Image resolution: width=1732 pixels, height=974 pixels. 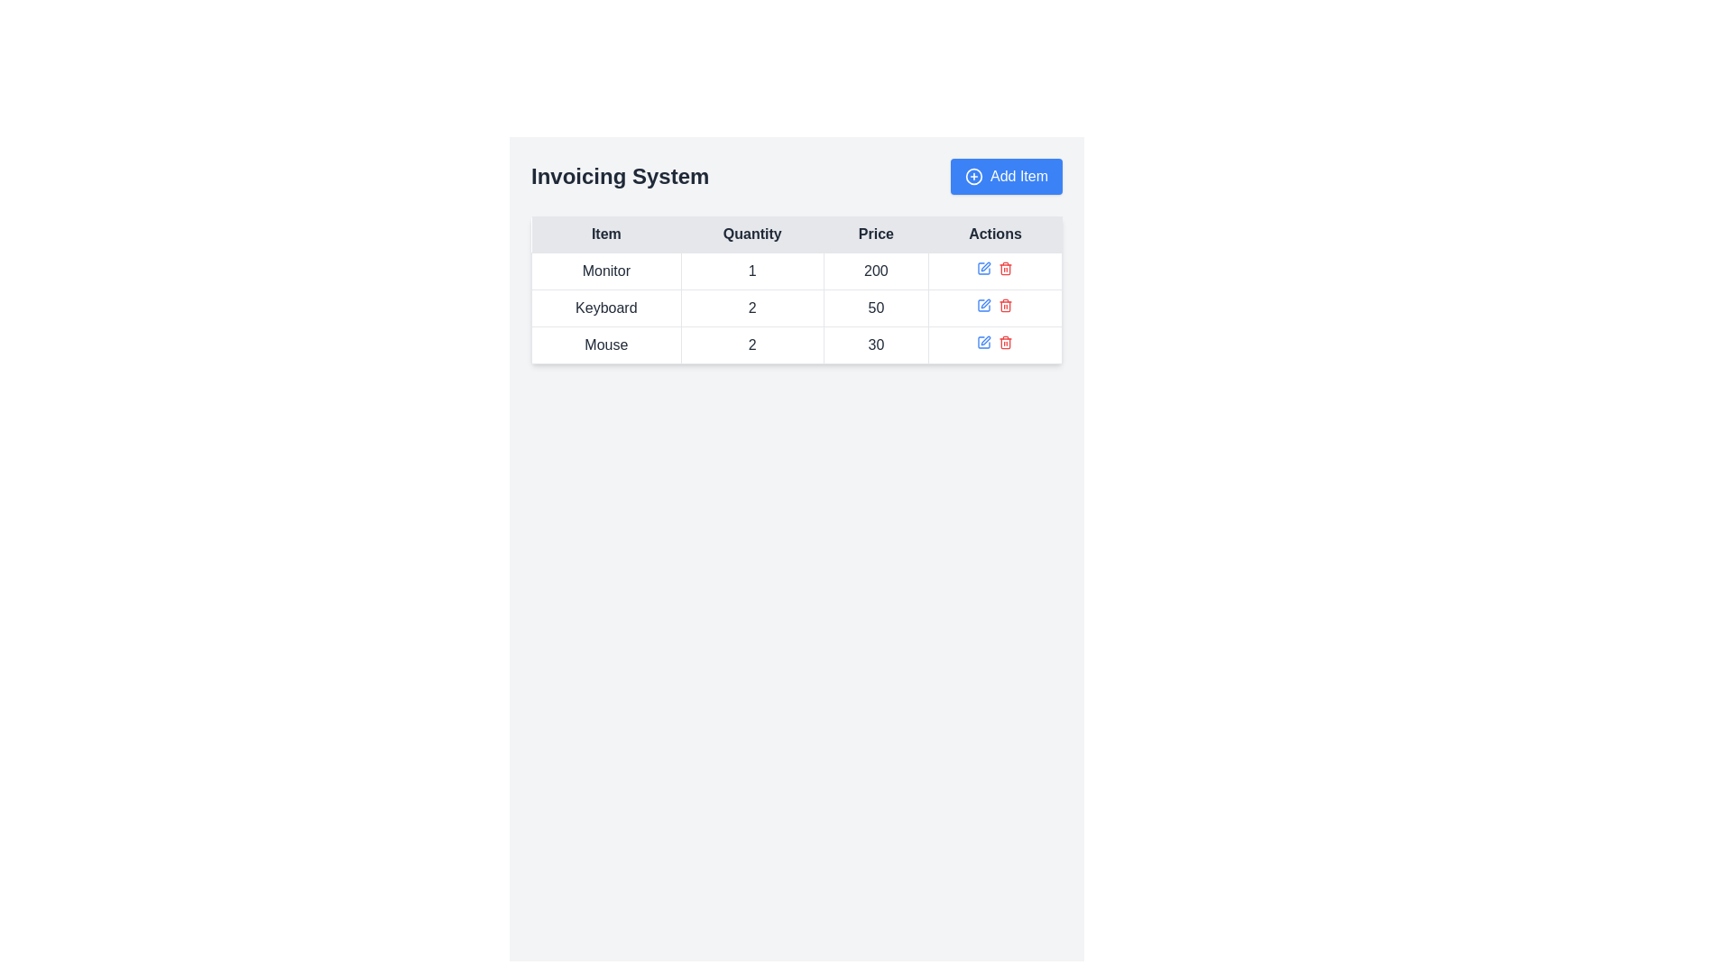 What do you see at coordinates (983, 268) in the screenshot?
I see `the square outline with rounded corners that is part of the pen icon in the 'Actions' column next to the 'Keyboard' item` at bounding box center [983, 268].